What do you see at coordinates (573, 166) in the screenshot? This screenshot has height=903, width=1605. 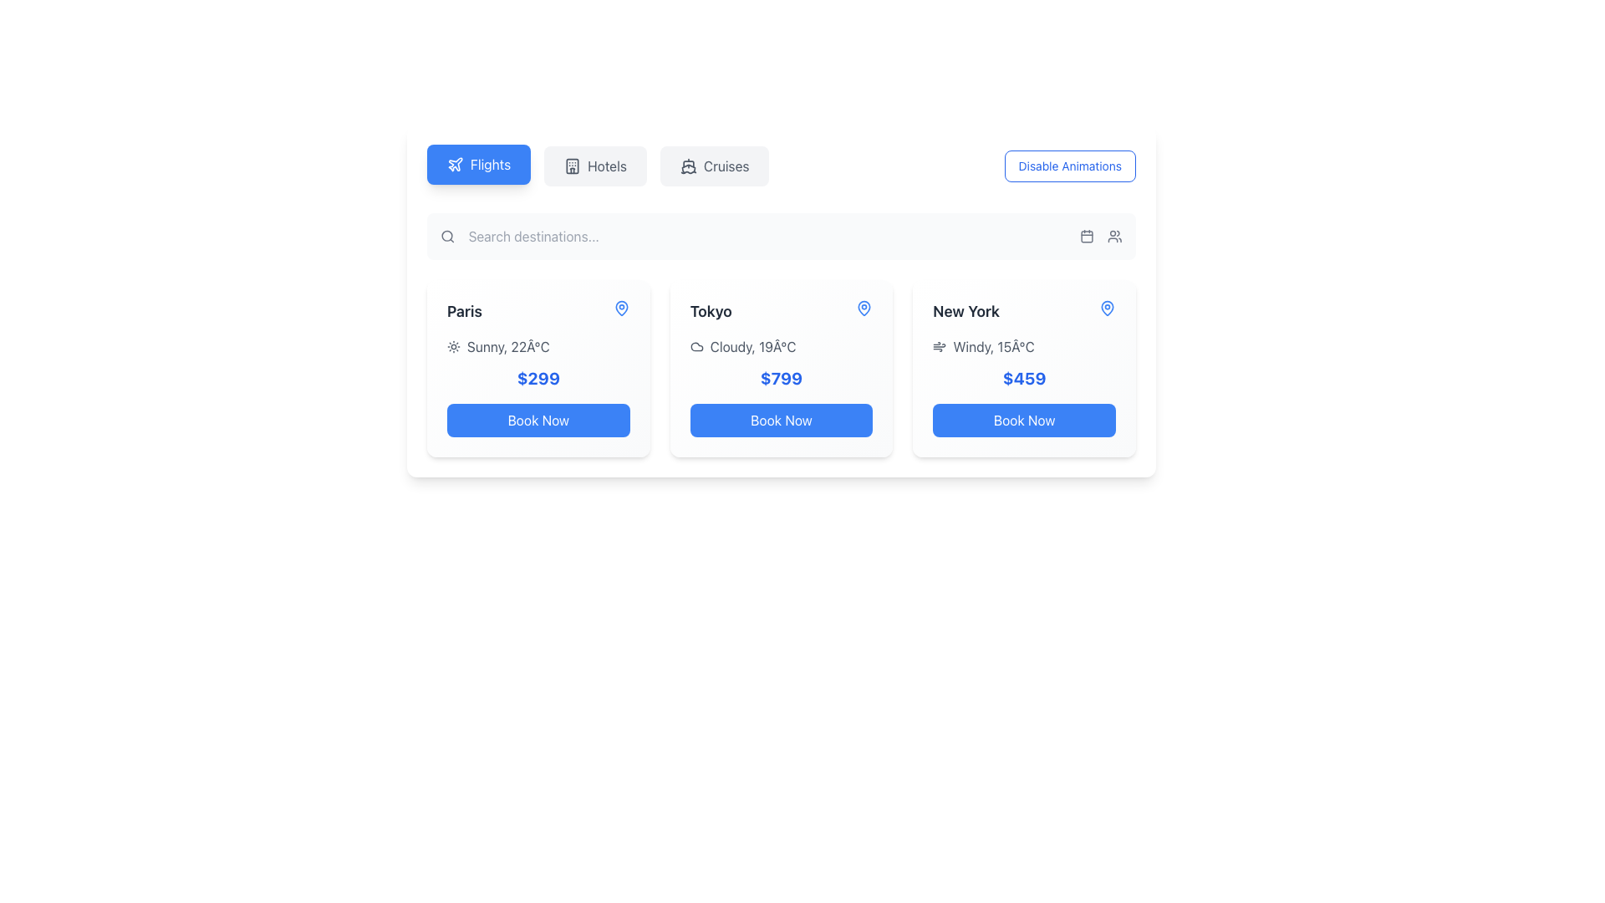 I see `the hotel icon located in the navigation bar, which is styled in a dark color and positioned to the left of the word 'hotels'` at bounding box center [573, 166].